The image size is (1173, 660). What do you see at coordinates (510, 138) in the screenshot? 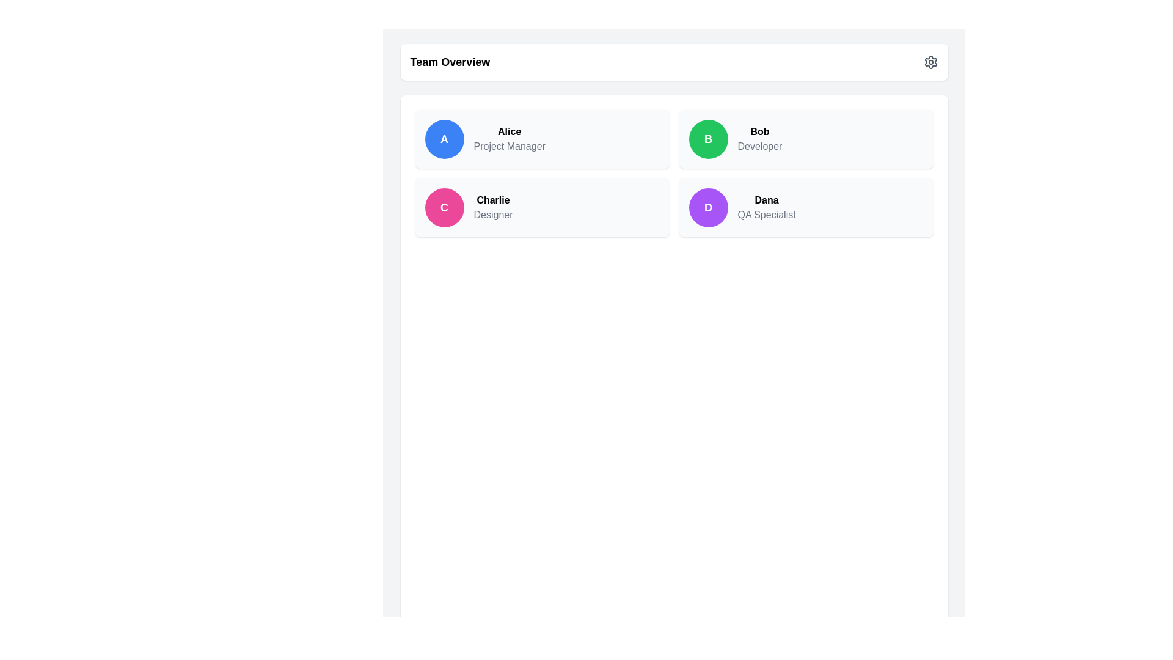
I see `text label displaying 'Alice' as the team member's name and 'Project Manager' as their role, located to the right of the blue circular avatar` at bounding box center [510, 138].